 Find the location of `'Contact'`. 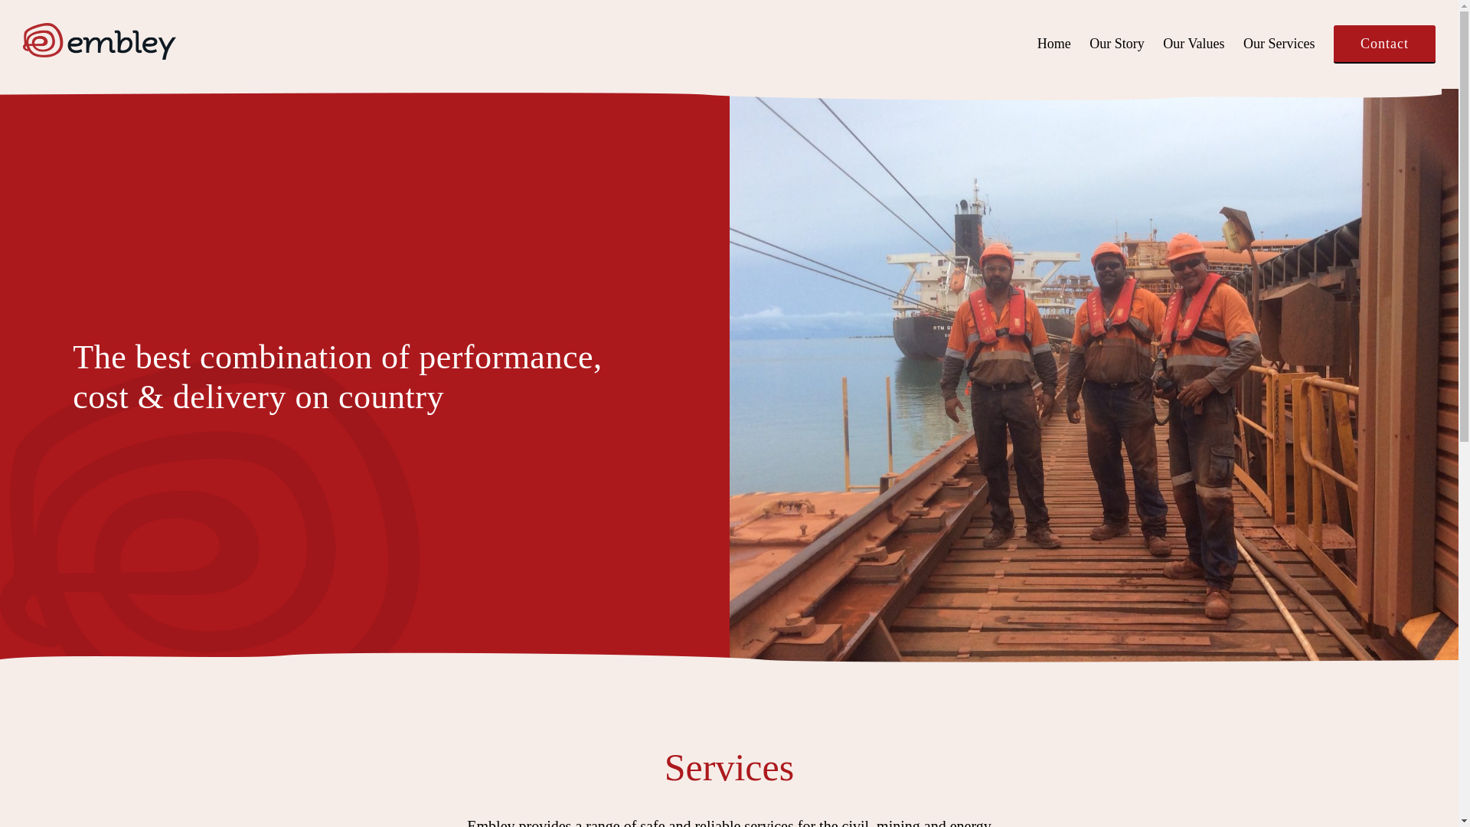

'Contact' is located at coordinates (1384, 43).